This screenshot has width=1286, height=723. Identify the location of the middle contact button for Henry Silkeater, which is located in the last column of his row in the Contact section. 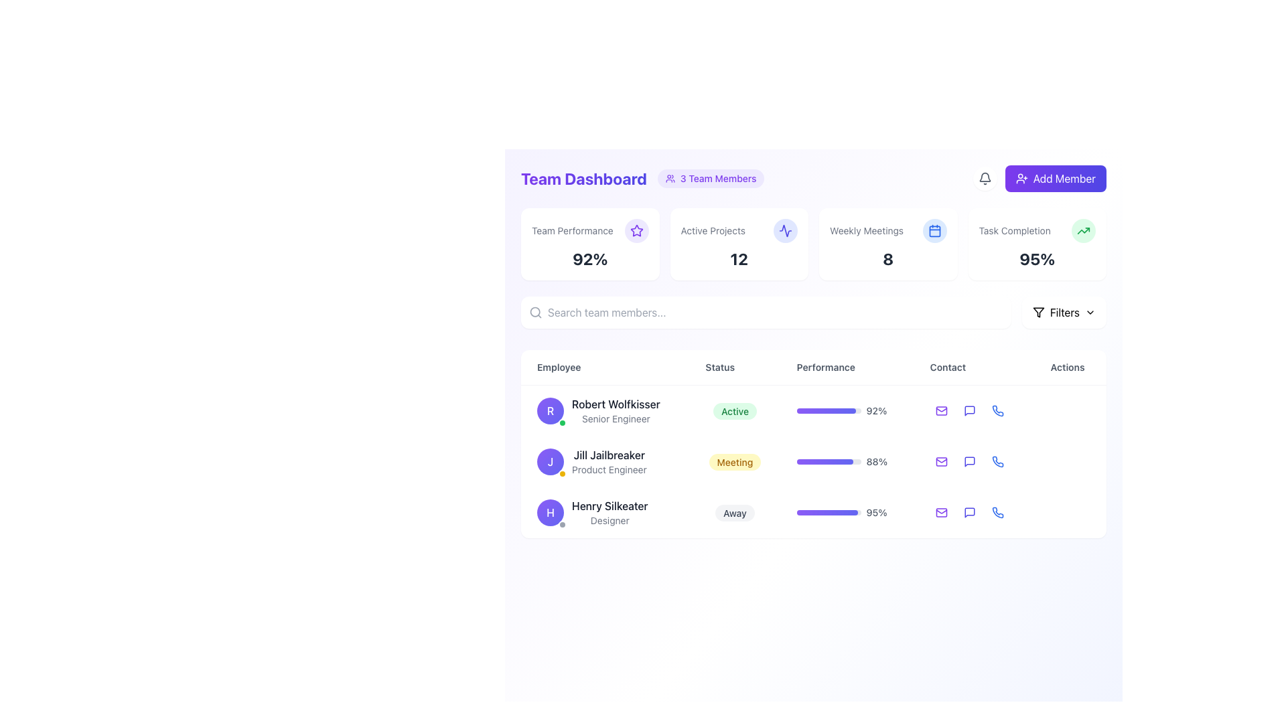
(974, 512).